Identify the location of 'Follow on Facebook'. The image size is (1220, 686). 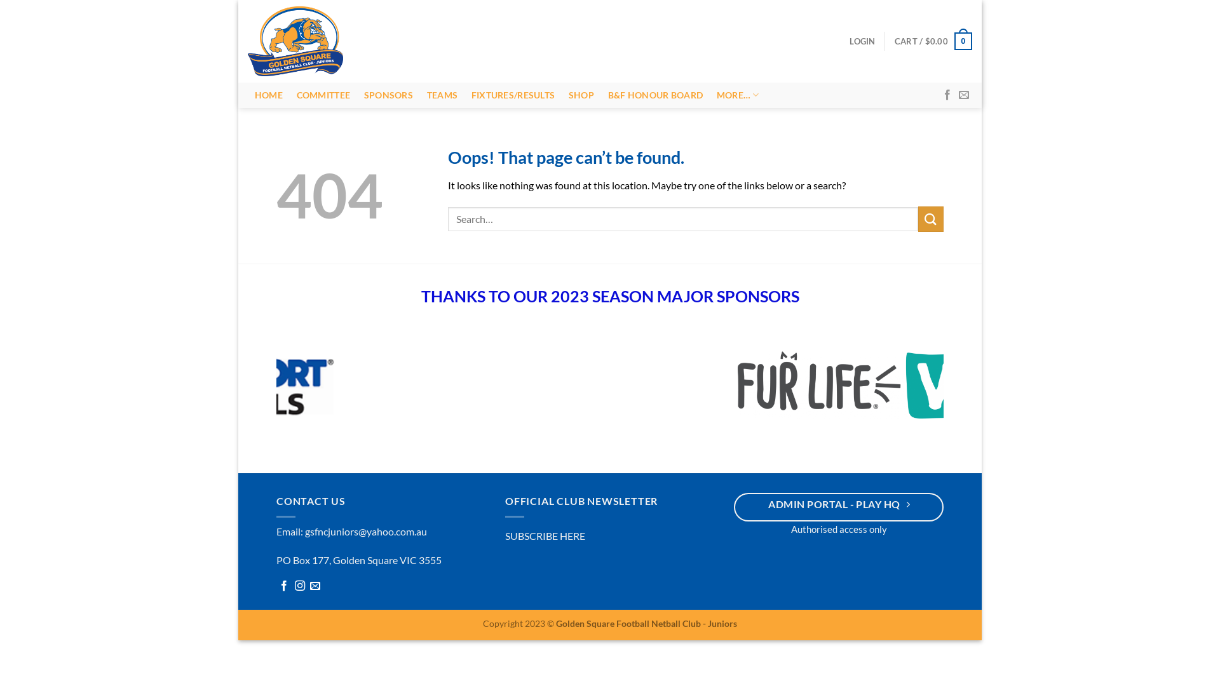
(283, 589).